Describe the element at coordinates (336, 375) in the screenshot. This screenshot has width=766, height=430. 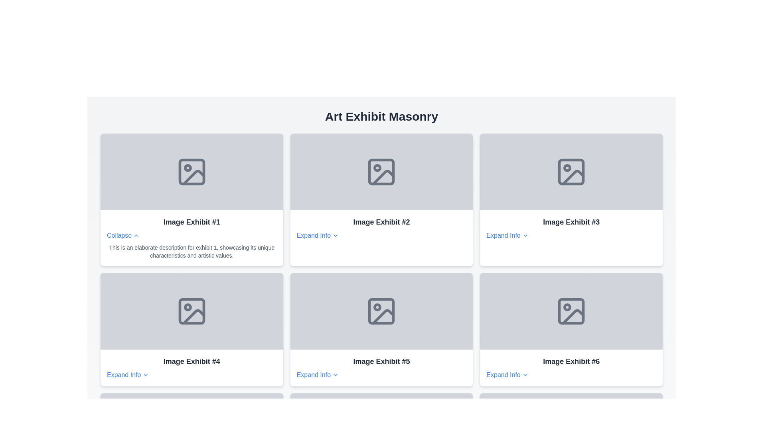
I see `the downward-facing chevron icon next to 'Expand Info' below 'Image Exhibit #5'` at that location.